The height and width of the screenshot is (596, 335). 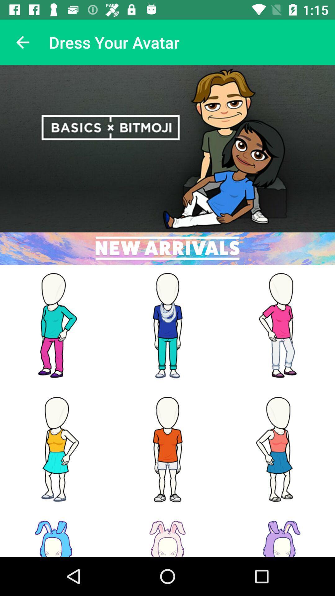 I want to click on the item to the left of dress your avatar app, so click(x=22, y=42).